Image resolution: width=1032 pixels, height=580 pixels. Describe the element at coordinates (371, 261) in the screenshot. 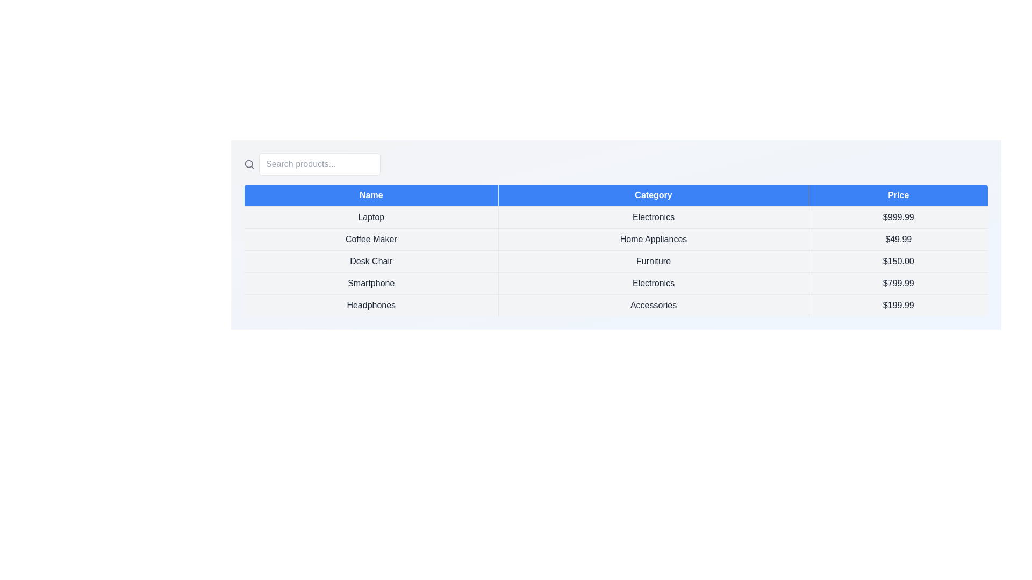

I see `the Text label indicating the name of the product in the second column of the table, specifically in the third row, between 'Coffee Maker' and 'Smartphone'` at that location.